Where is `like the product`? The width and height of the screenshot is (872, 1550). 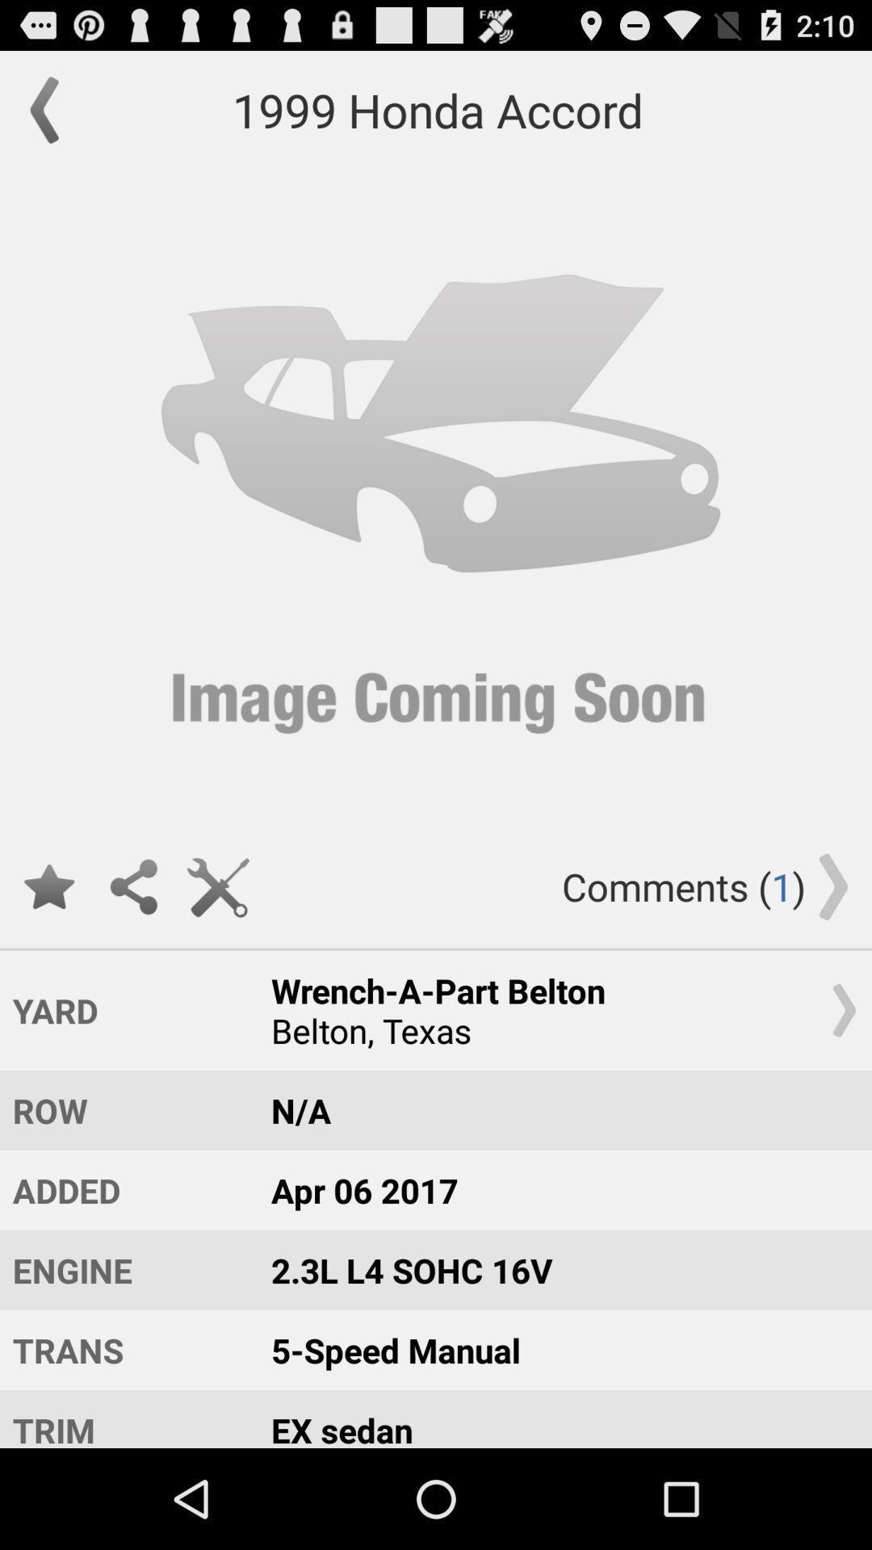
like the product is located at coordinates (48, 886).